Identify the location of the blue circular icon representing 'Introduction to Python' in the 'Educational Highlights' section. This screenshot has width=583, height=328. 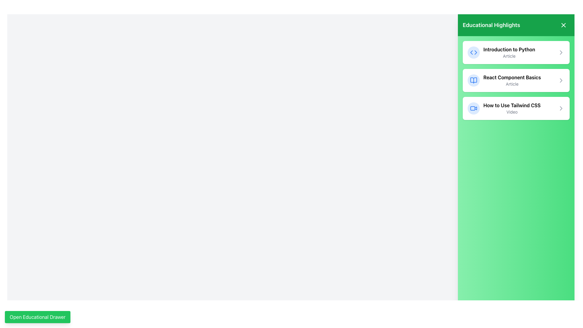
(473, 52).